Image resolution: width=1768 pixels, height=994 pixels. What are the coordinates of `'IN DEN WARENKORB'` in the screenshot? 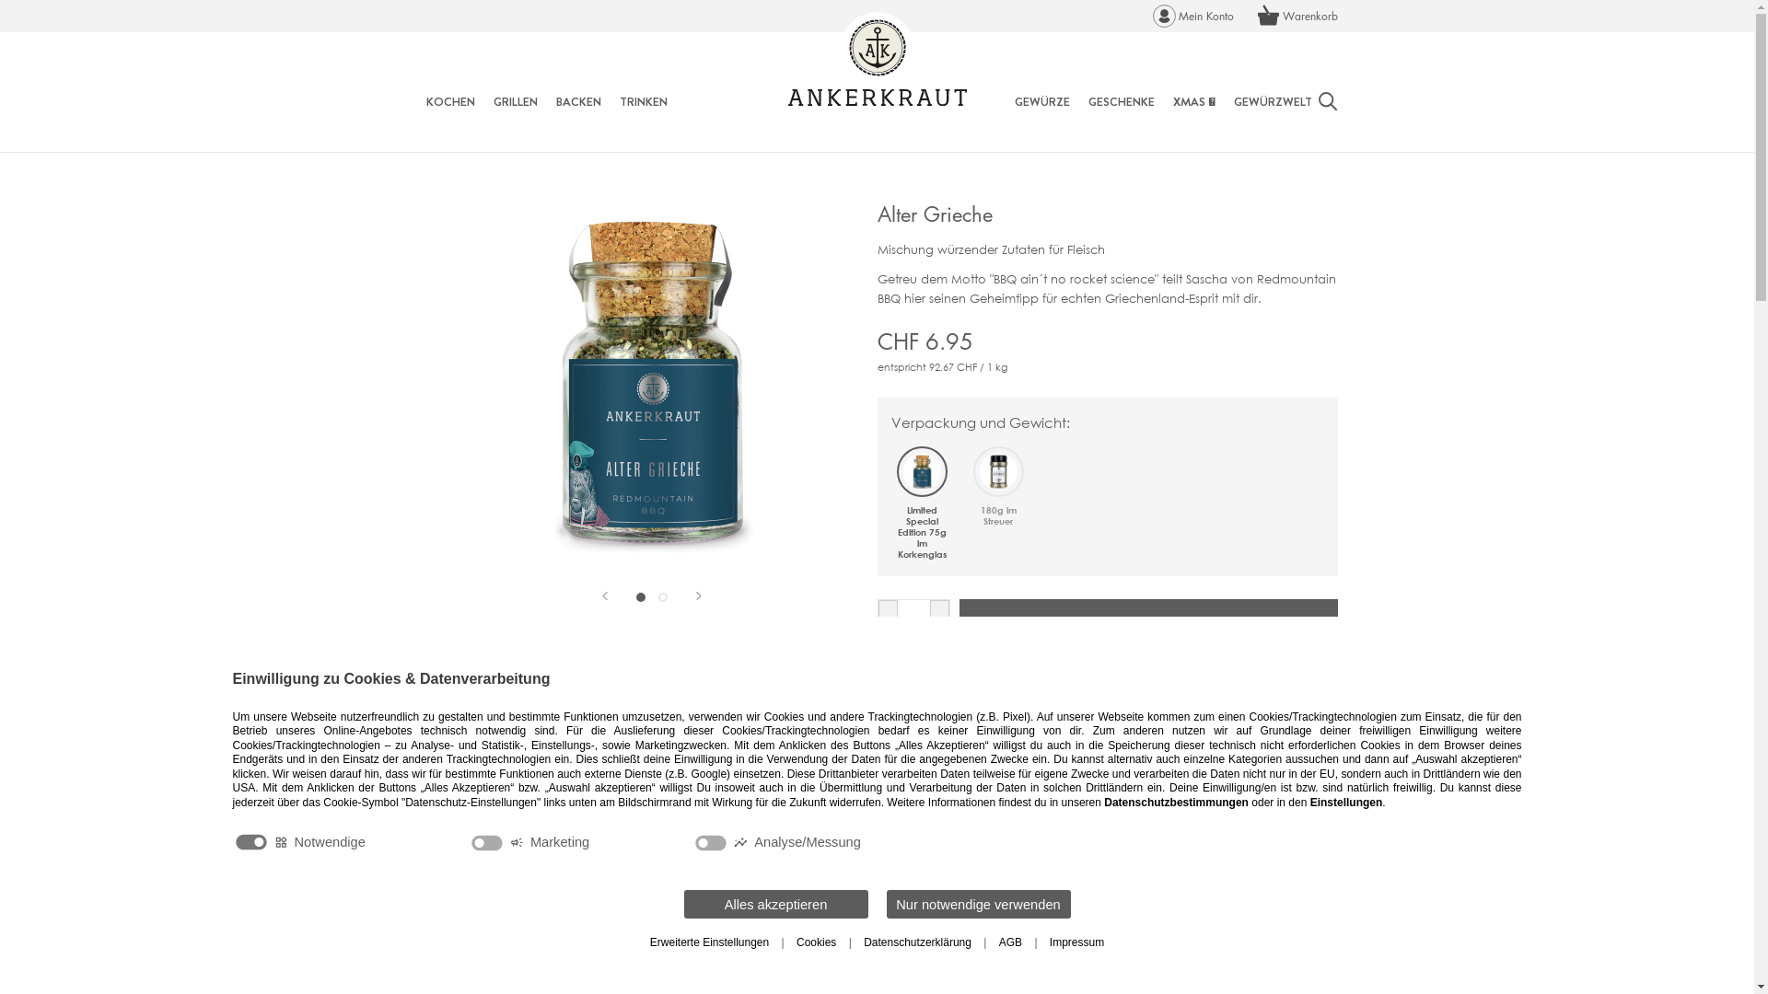 It's located at (1147, 621).